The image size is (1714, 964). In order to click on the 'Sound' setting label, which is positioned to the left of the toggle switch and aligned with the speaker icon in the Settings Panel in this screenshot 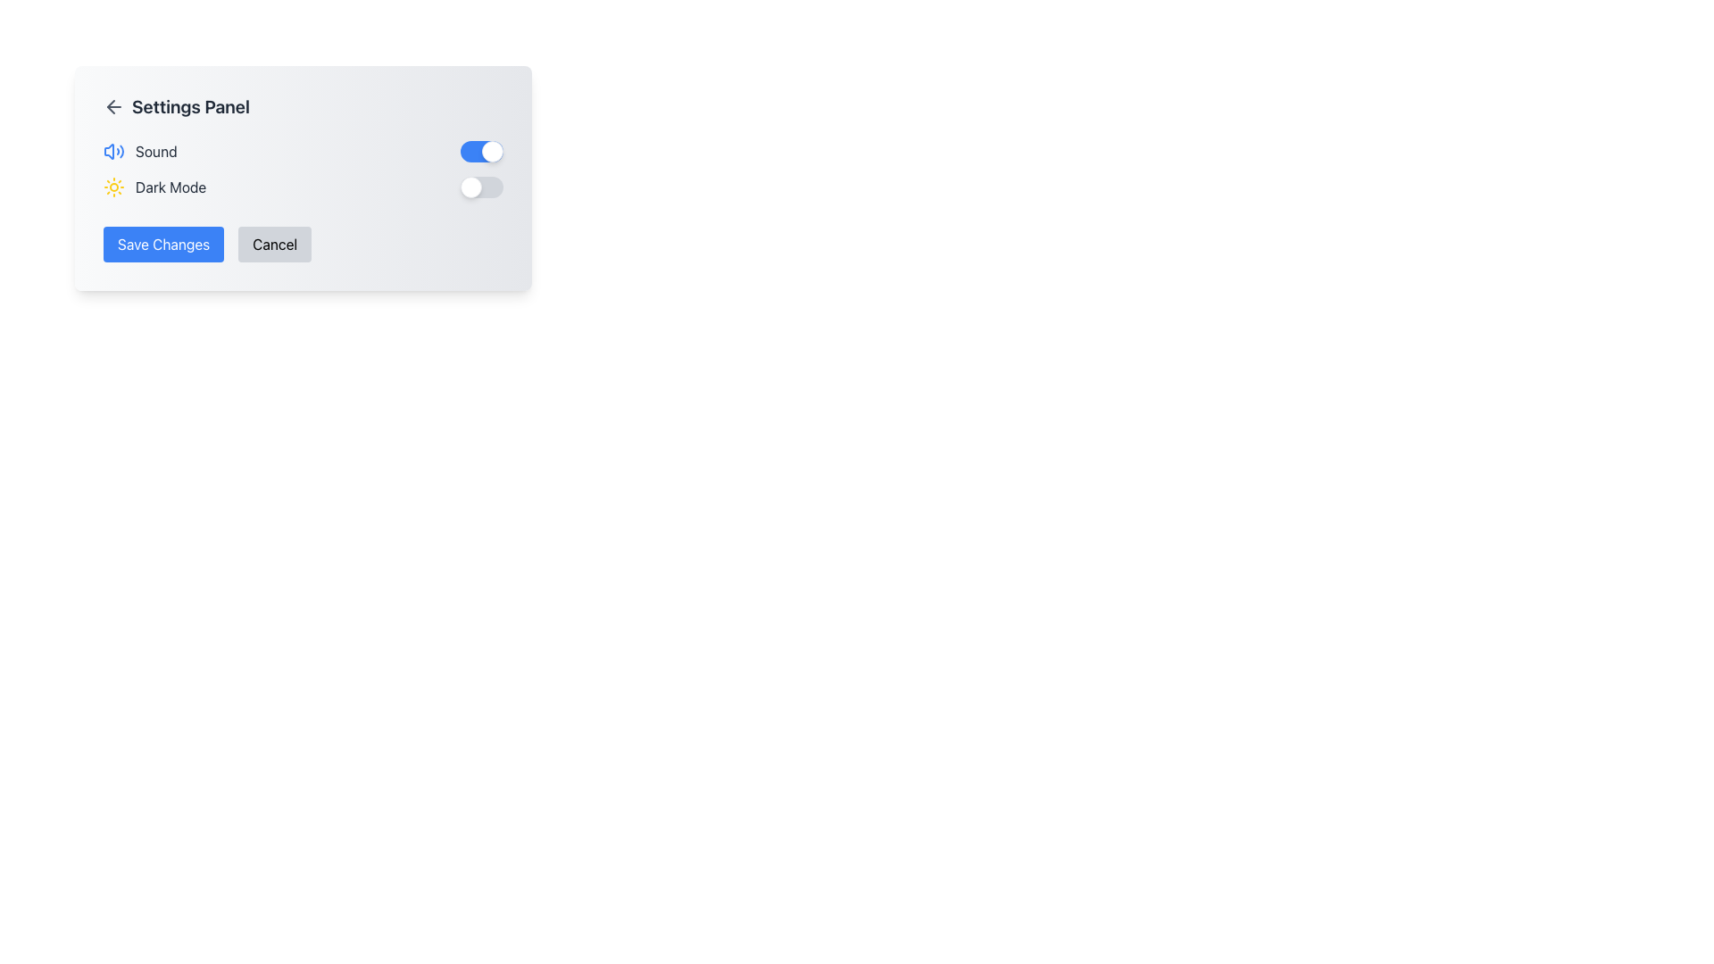, I will do `click(139, 150)`.